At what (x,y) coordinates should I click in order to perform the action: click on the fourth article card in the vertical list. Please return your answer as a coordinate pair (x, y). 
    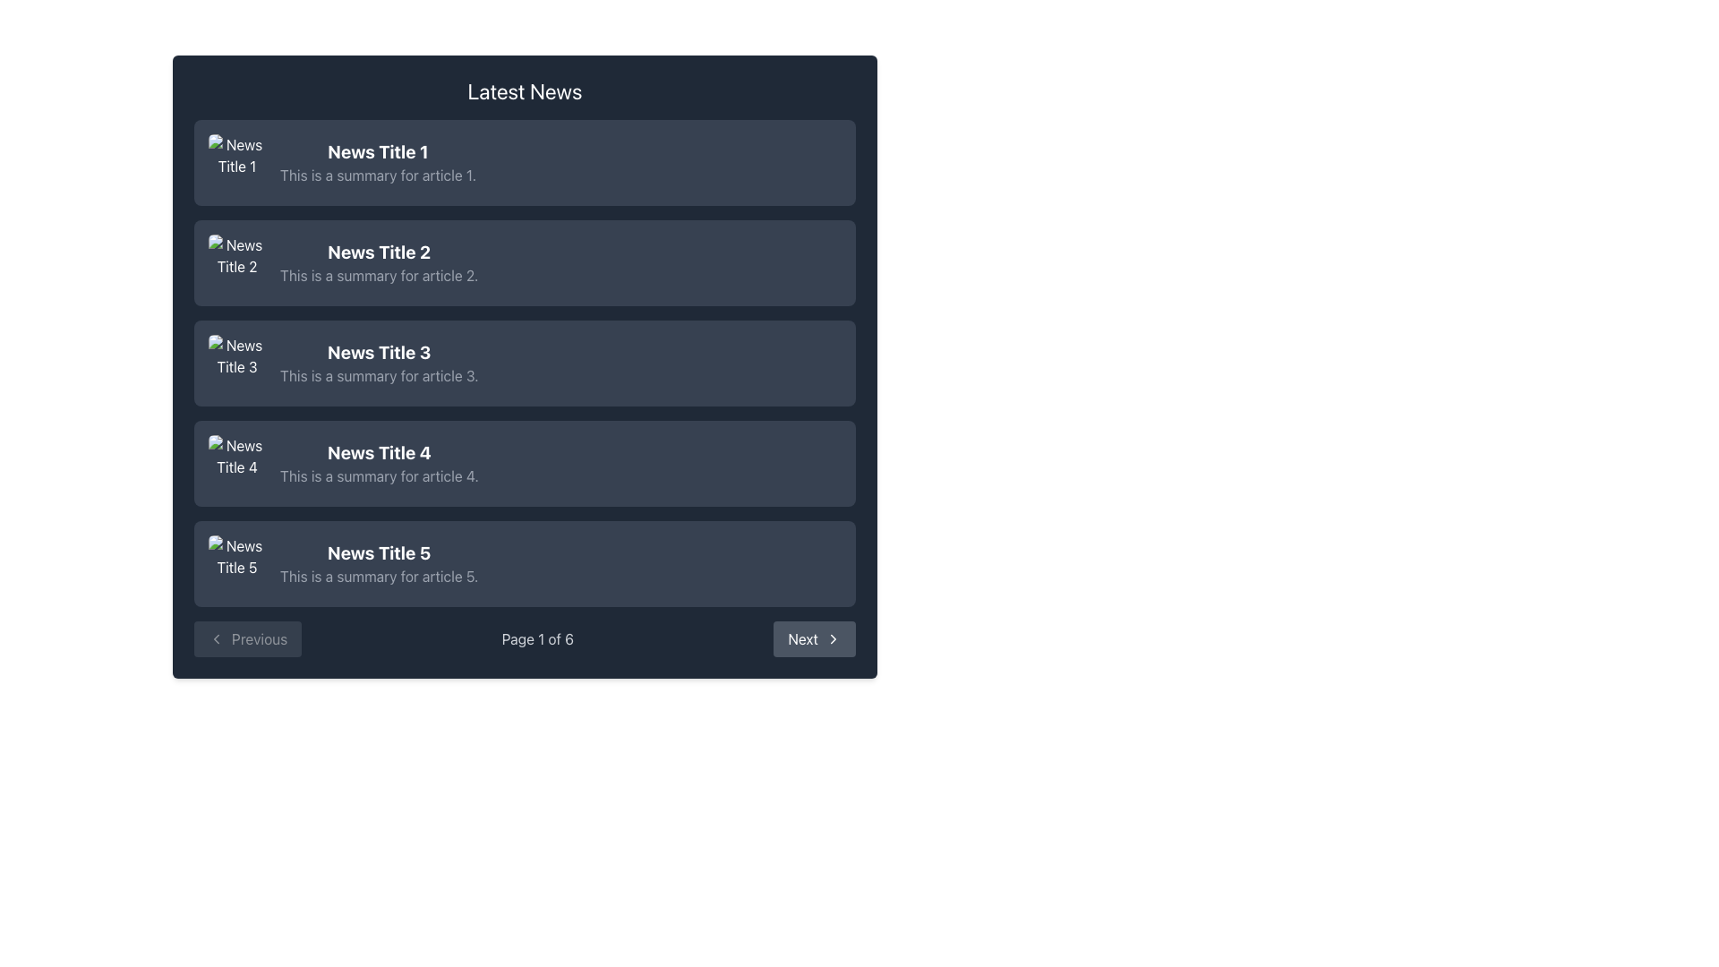
    Looking at the image, I should click on (524, 462).